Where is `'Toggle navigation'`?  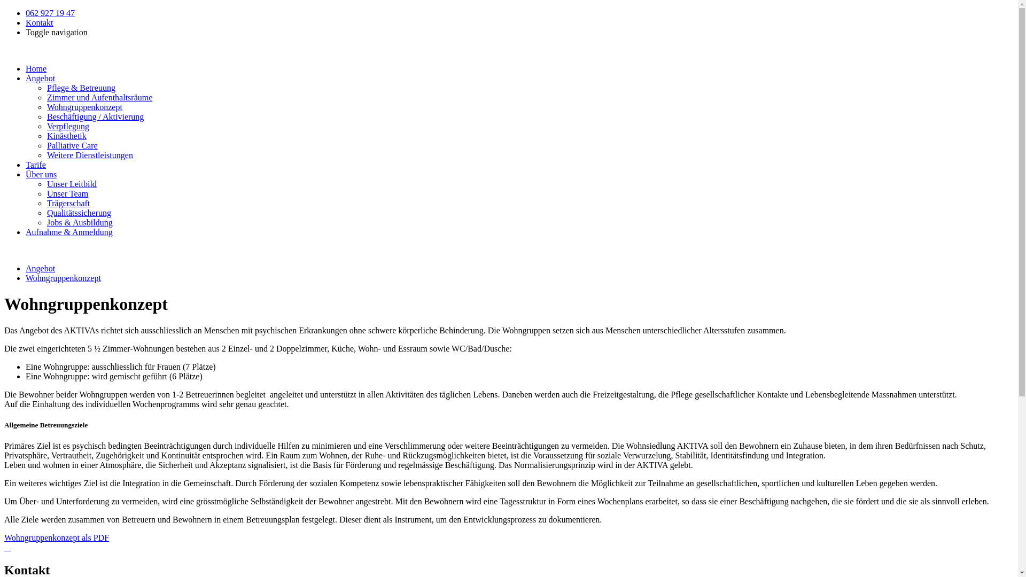
'Toggle navigation' is located at coordinates (56, 32).